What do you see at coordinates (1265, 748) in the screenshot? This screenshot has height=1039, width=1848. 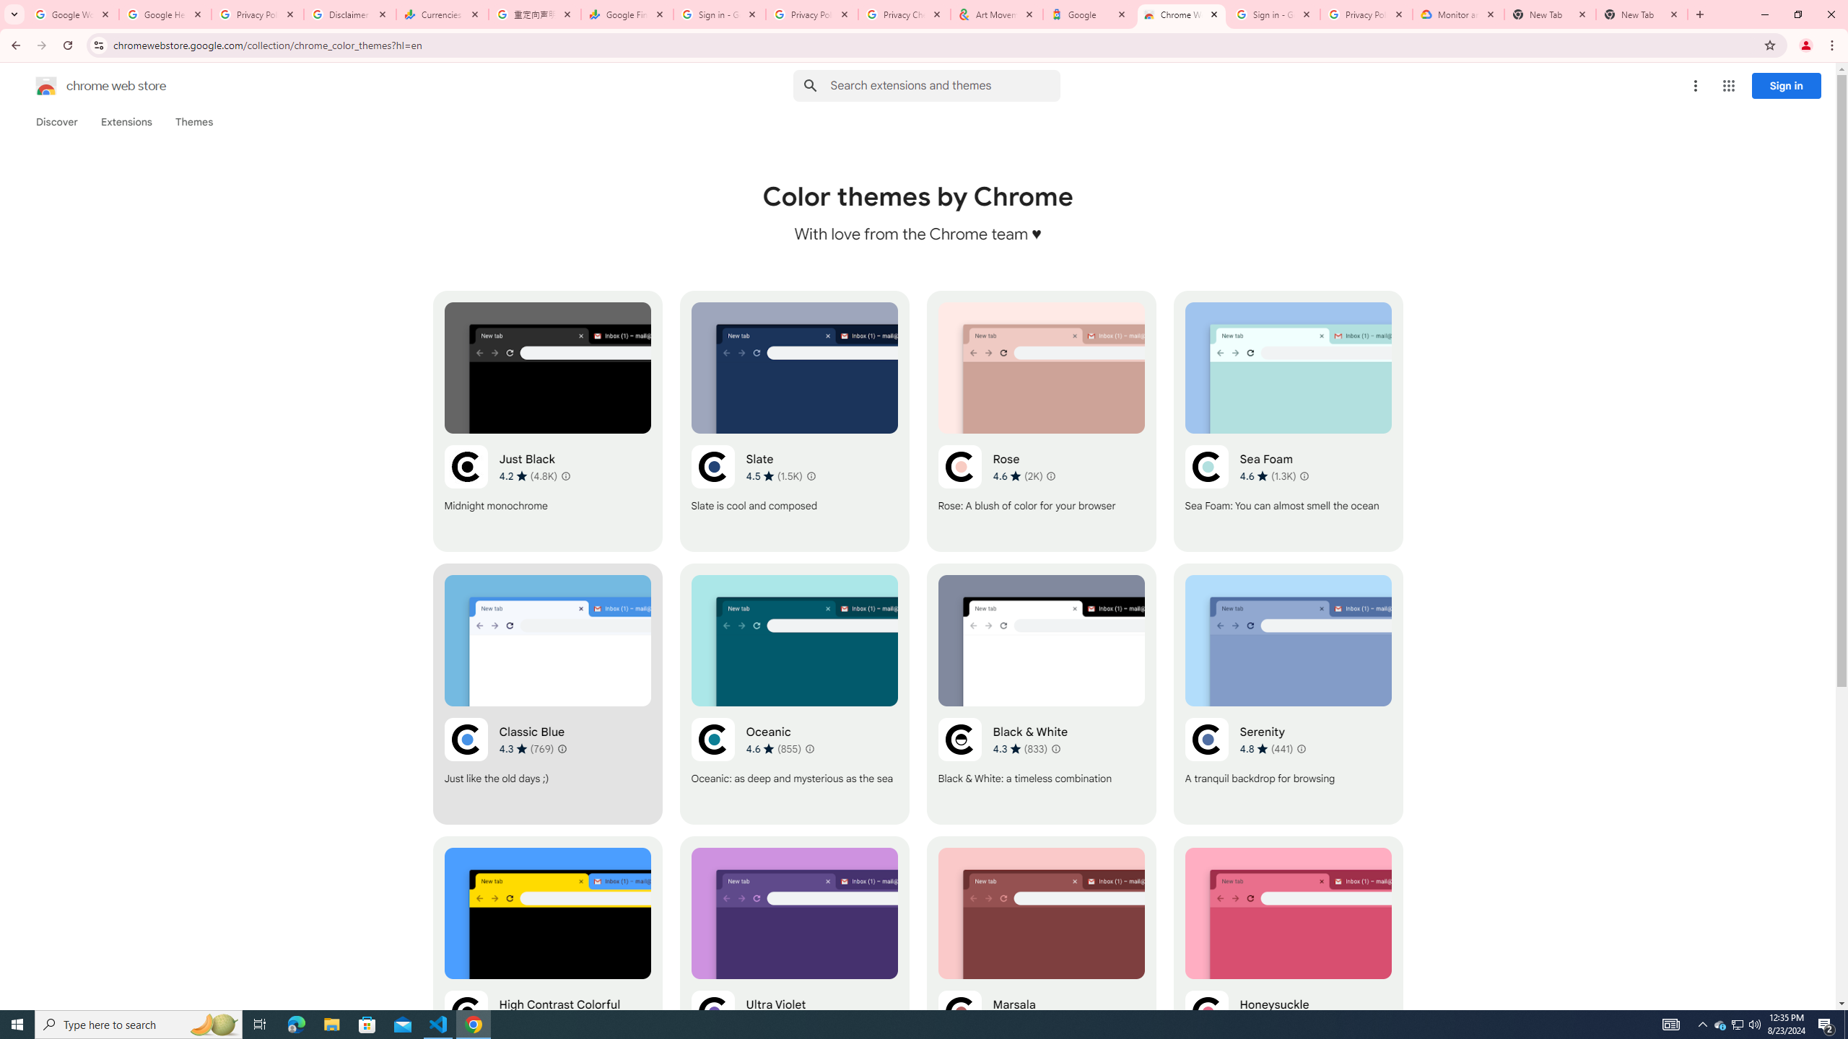 I see `'Average rating 4.8 out of 5 stars. 441 ratings.'` at bounding box center [1265, 748].